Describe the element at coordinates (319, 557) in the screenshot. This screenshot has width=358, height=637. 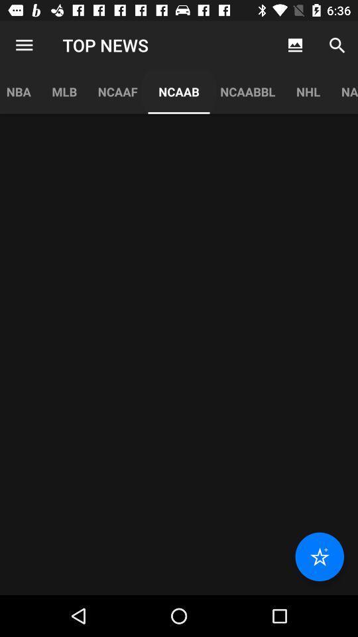
I see `the star icon` at that location.